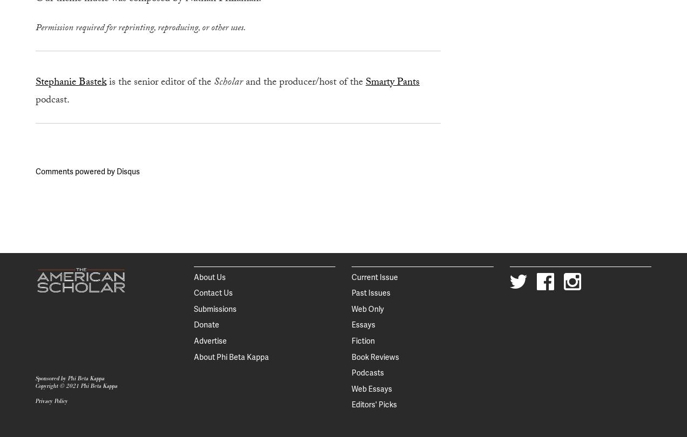 This screenshot has width=687, height=437. I want to click on 'and the producer/host of the', so click(243, 83).